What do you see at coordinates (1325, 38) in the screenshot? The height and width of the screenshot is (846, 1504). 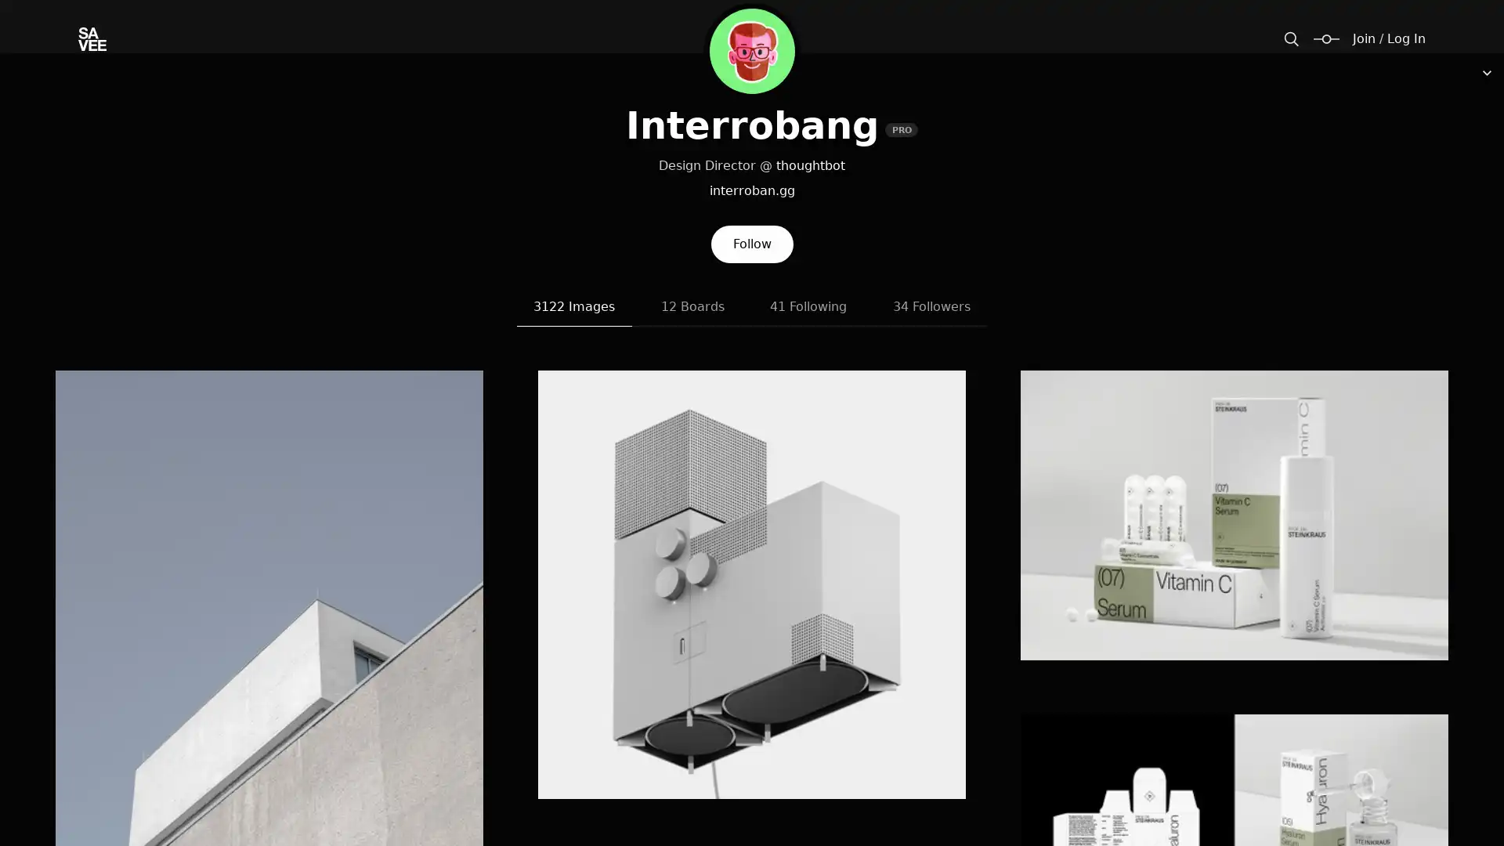 I see `Change size / padding` at bounding box center [1325, 38].